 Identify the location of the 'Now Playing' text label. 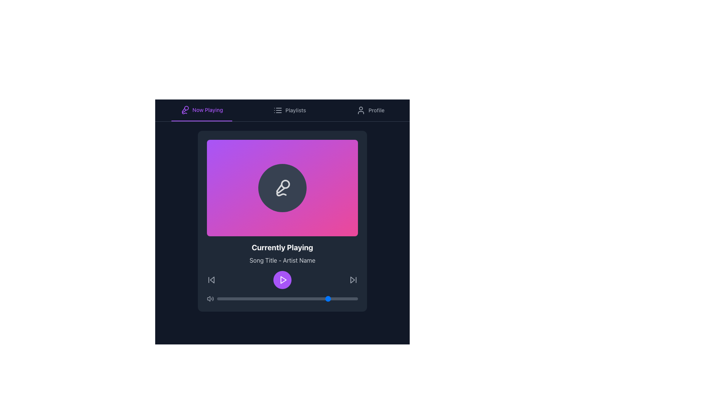
(208, 110).